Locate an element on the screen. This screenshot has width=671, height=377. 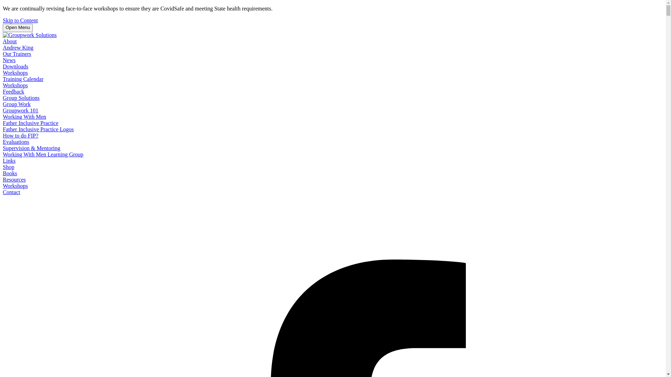
'Links' is located at coordinates (9, 161).